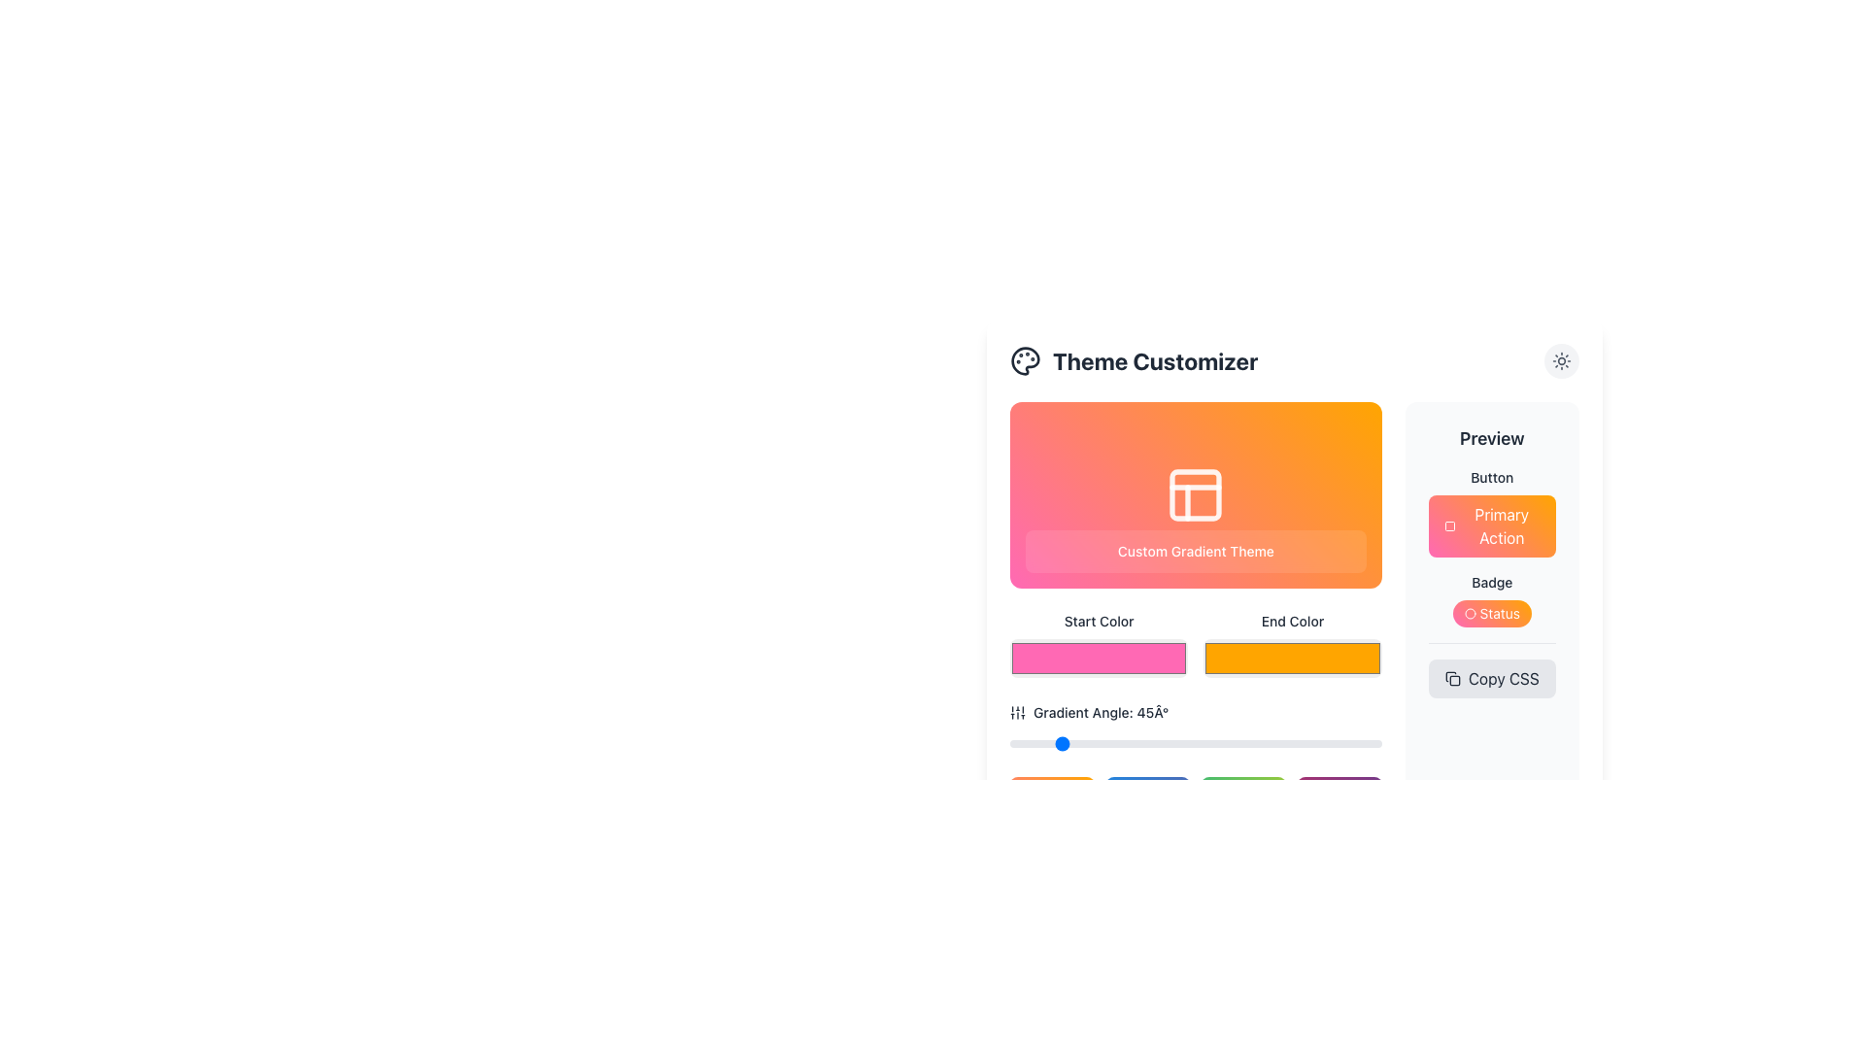 This screenshot has height=1049, width=1865. What do you see at coordinates (1292, 645) in the screenshot?
I see `the 'End Color' color picker input field, which is an orange rectangular component located in the second column of the 'Theme Customizer' section` at bounding box center [1292, 645].